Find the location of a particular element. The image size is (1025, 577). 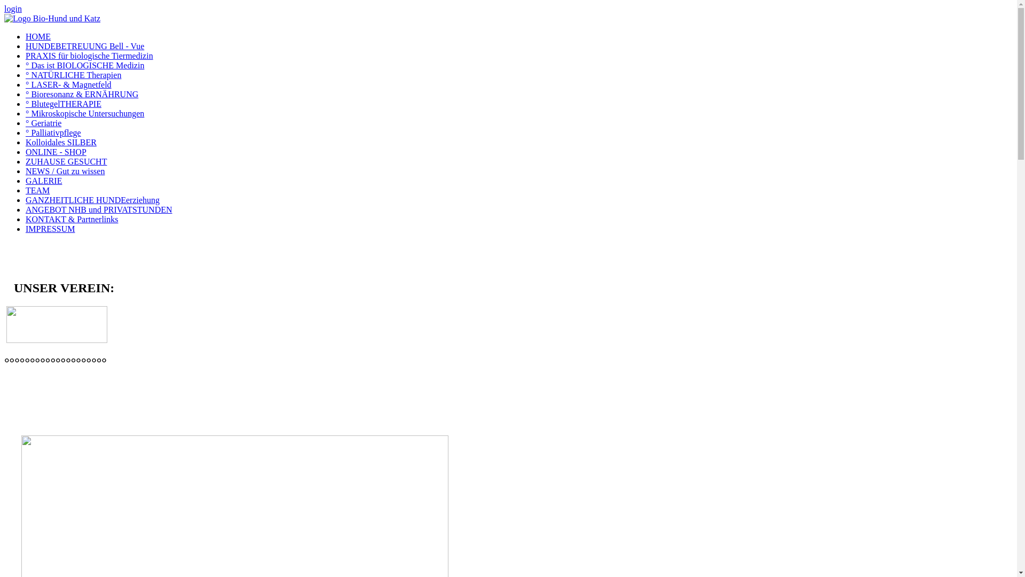

'KONTAKT & Partnerlinks' is located at coordinates (71, 219).